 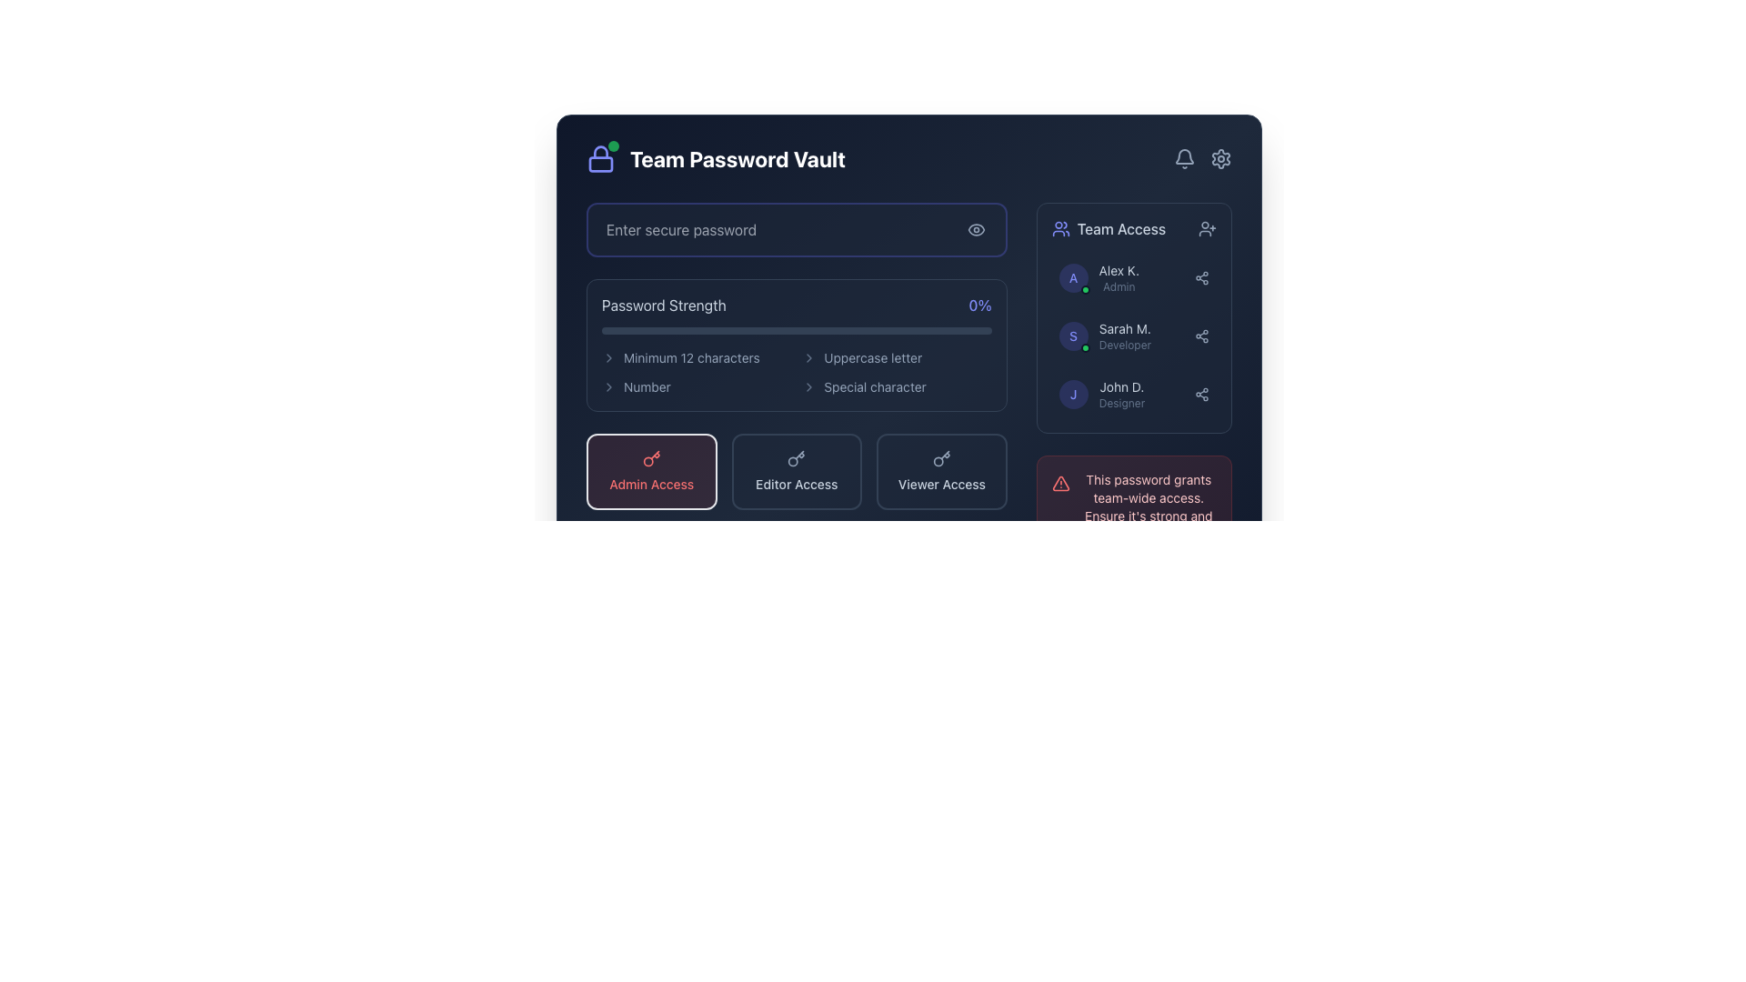 What do you see at coordinates (797, 346) in the screenshot?
I see `the password strength indicator progress bar` at bounding box center [797, 346].